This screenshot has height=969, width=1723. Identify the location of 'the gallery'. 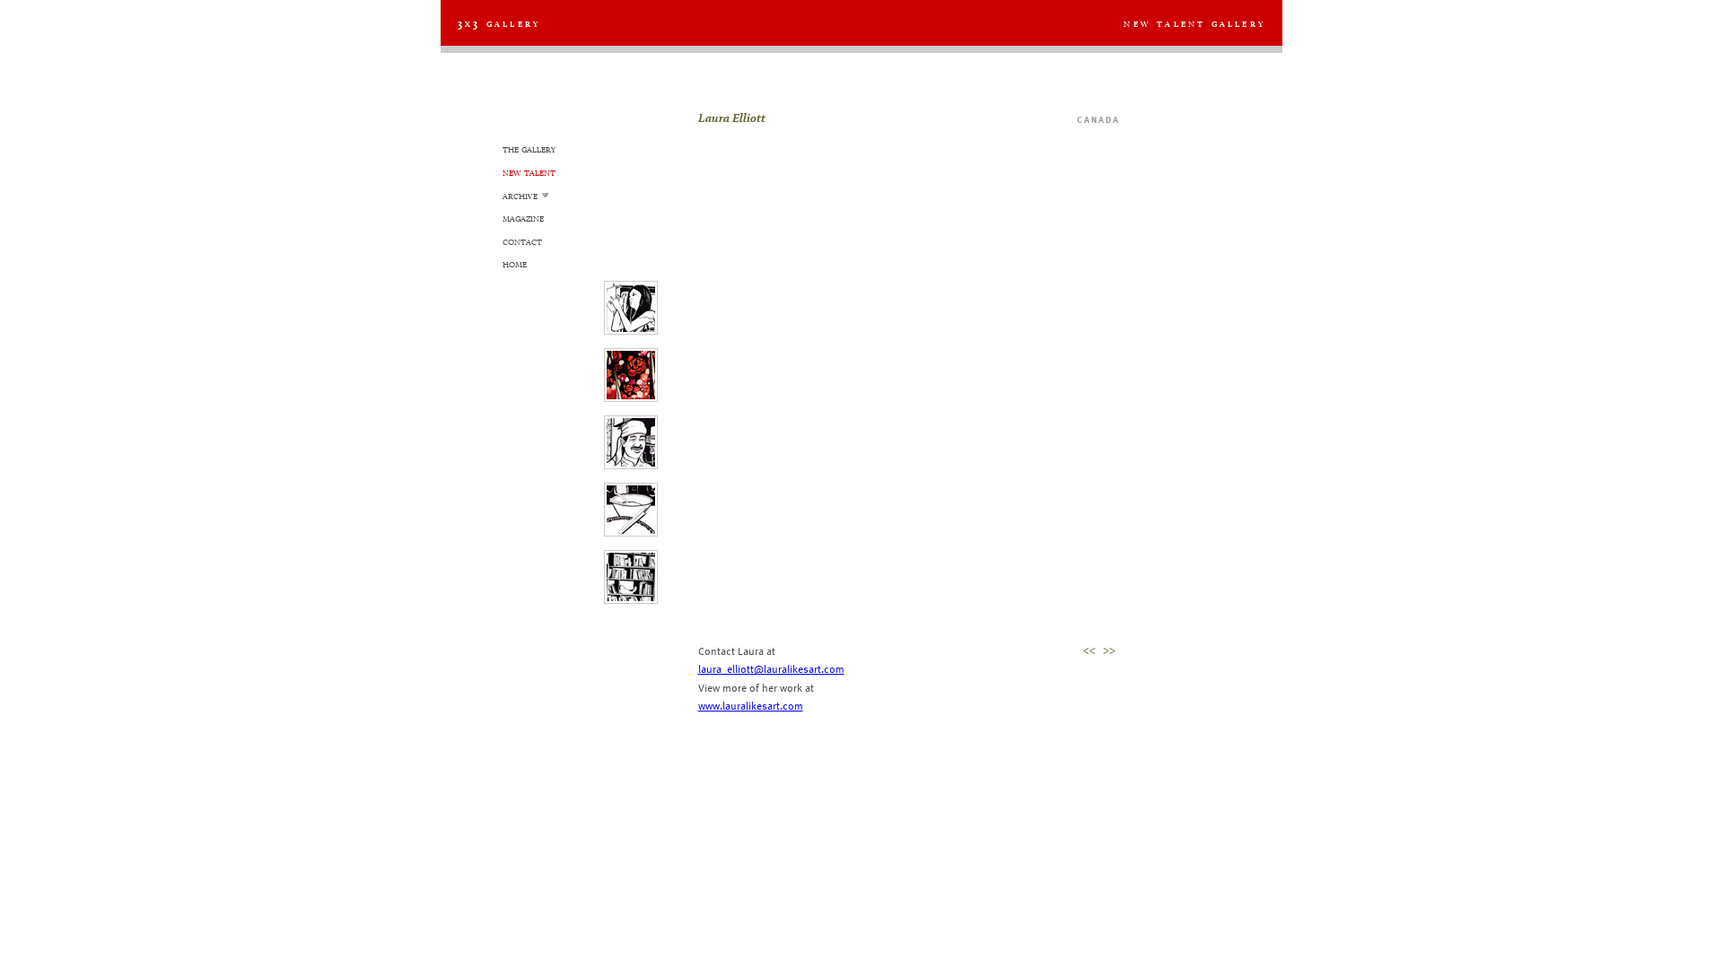
(528, 147).